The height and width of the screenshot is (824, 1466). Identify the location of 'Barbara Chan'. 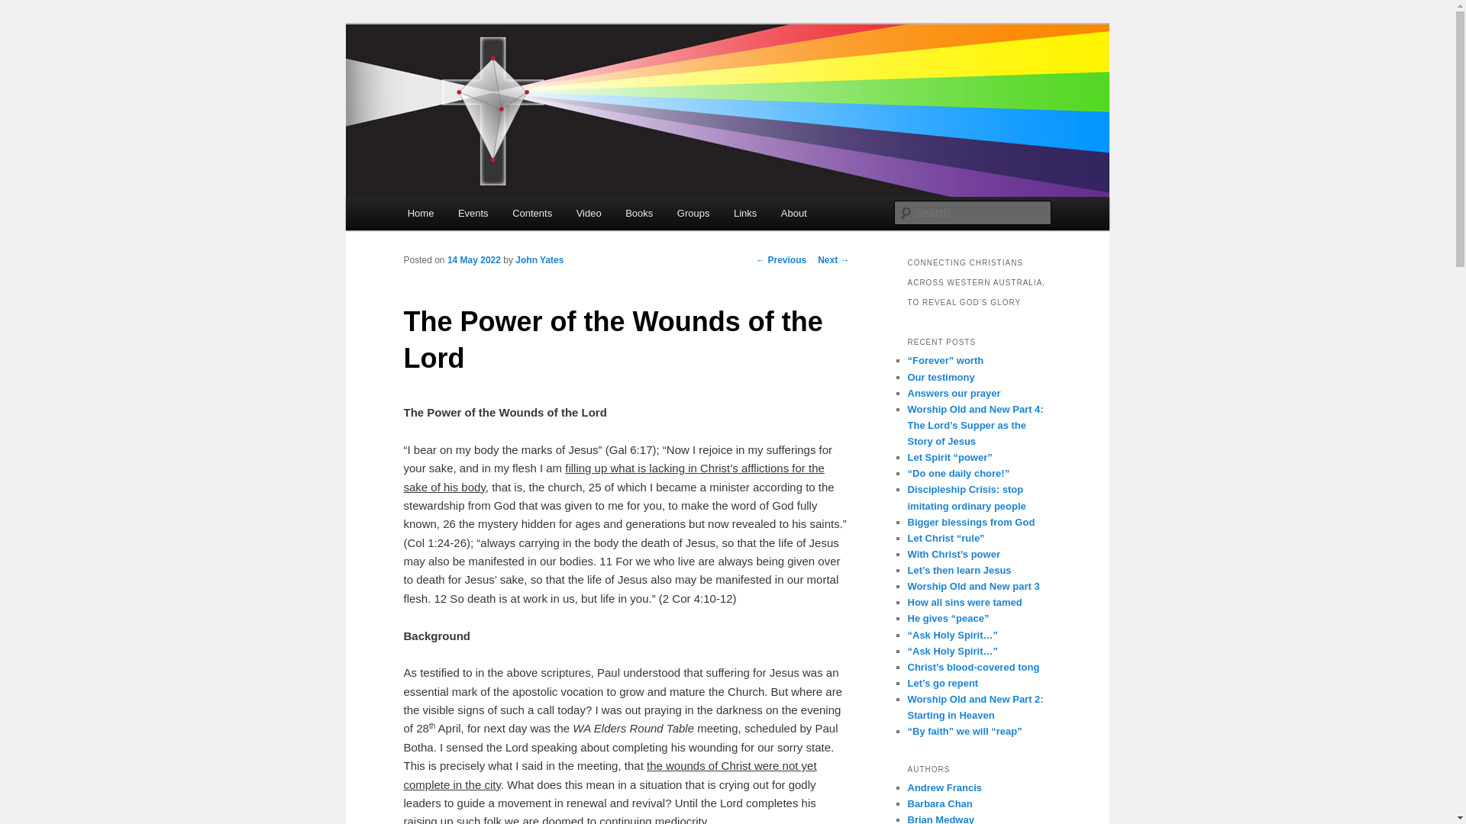
(938, 803).